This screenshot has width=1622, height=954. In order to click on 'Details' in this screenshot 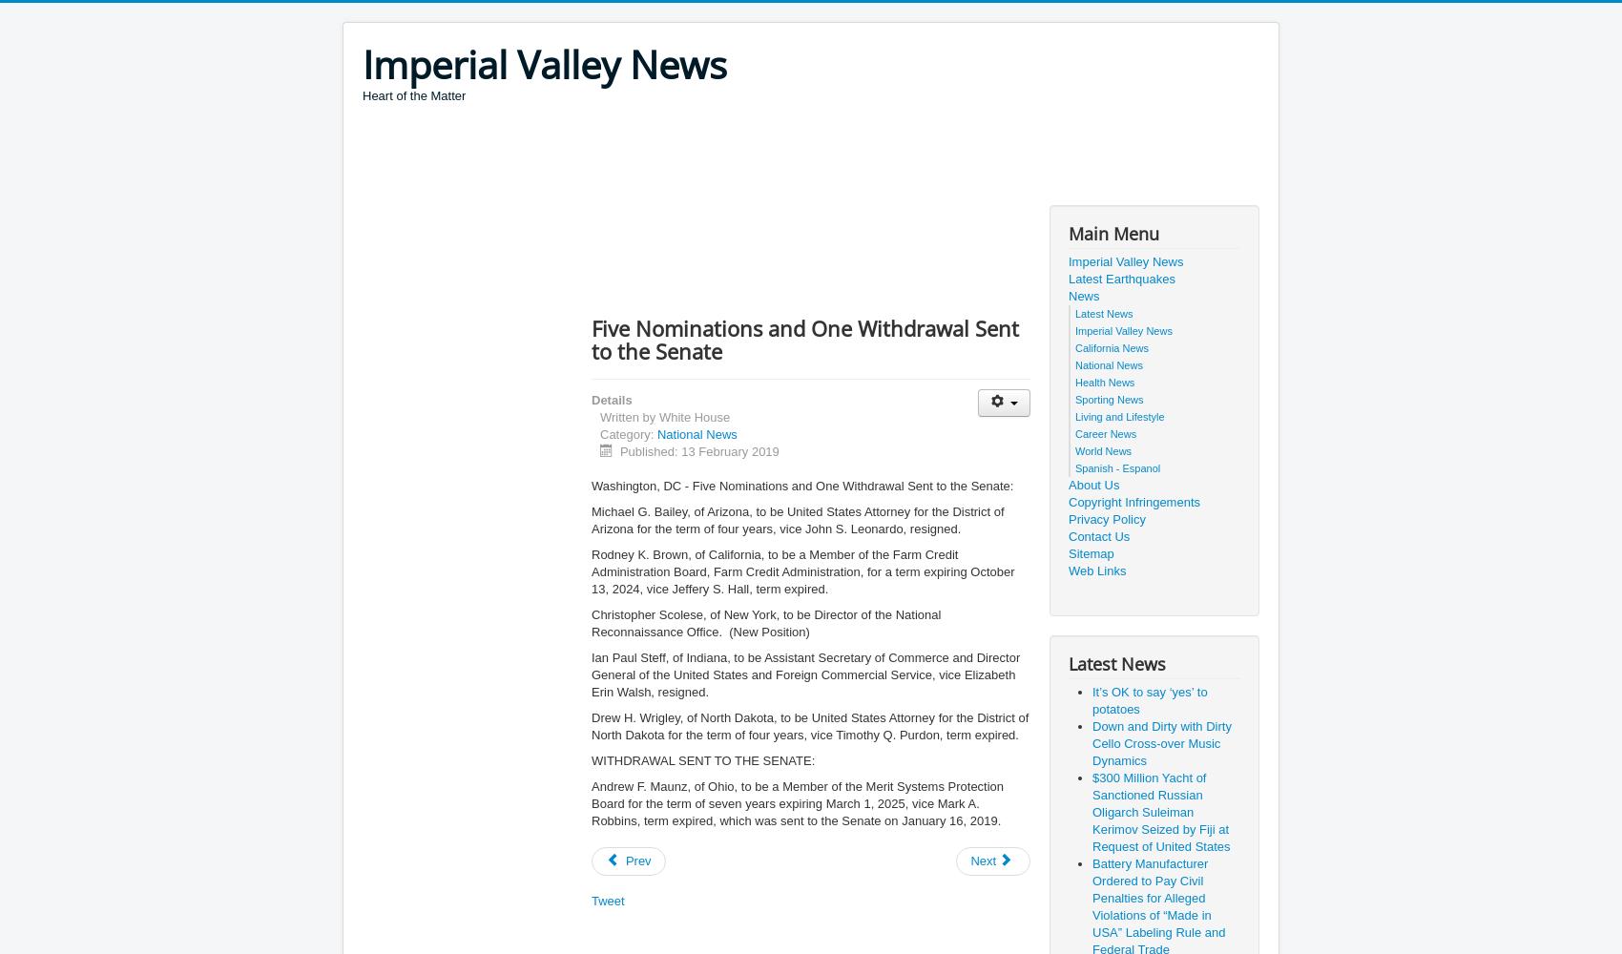, I will do `click(612, 400)`.